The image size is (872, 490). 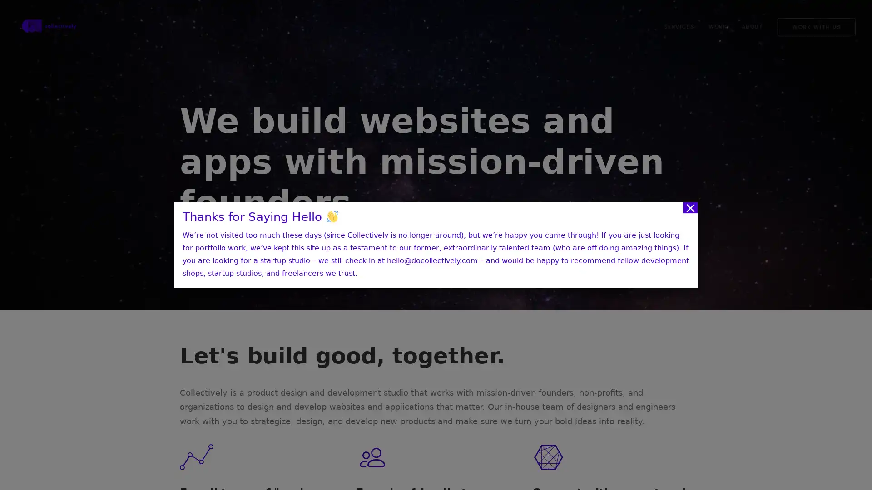 I want to click on Close, so click(x=690, y=208).